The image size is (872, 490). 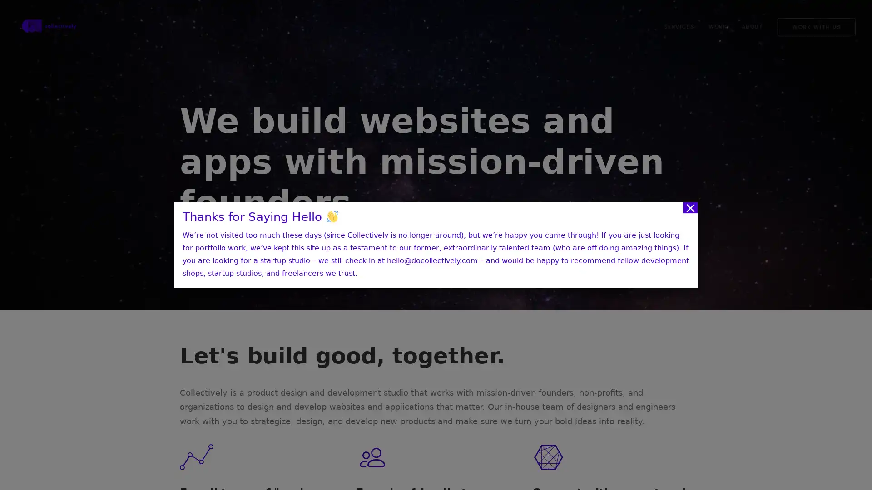 I want to click on Close, so click(x=690, y=208).